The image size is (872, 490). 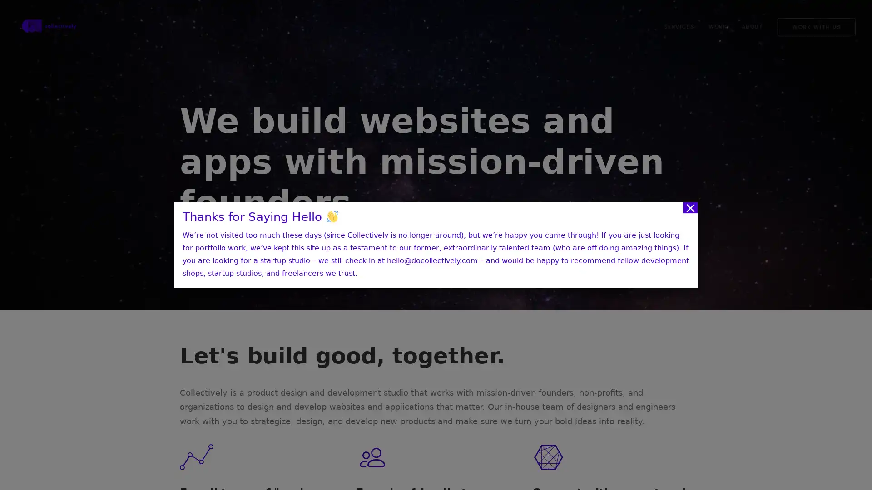 I want to click on Close, so click(x=690, y=208).